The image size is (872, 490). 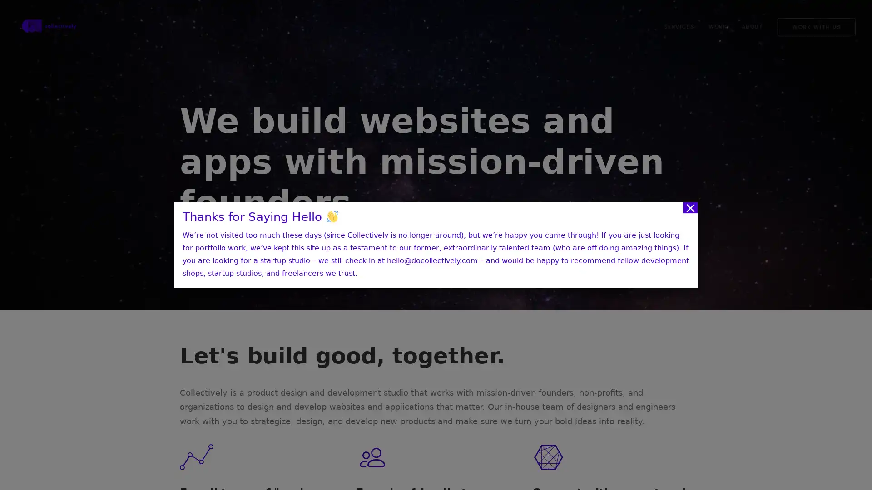 I want to click on Close, so click(x=690, y=208).